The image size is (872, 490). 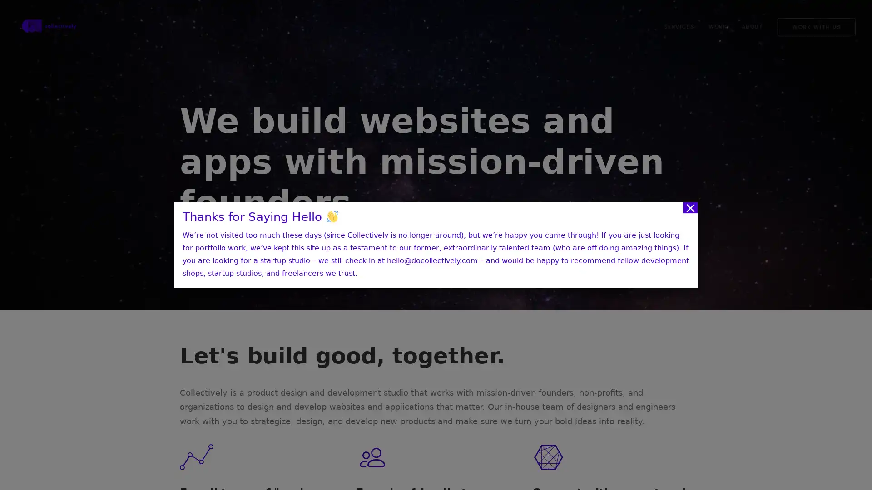 I want to click on Close, so click(x=690, y=208).